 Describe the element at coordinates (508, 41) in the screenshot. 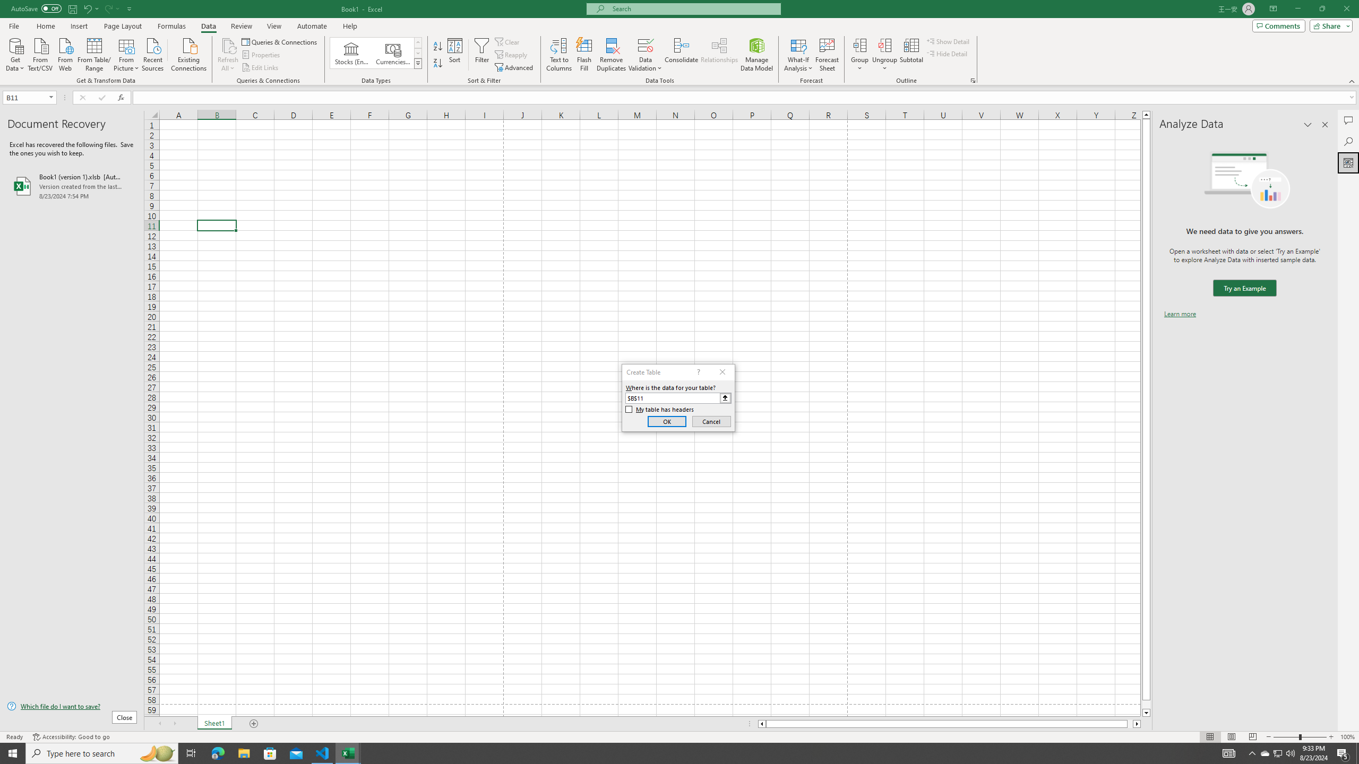

I see `'Clear'` at that location.